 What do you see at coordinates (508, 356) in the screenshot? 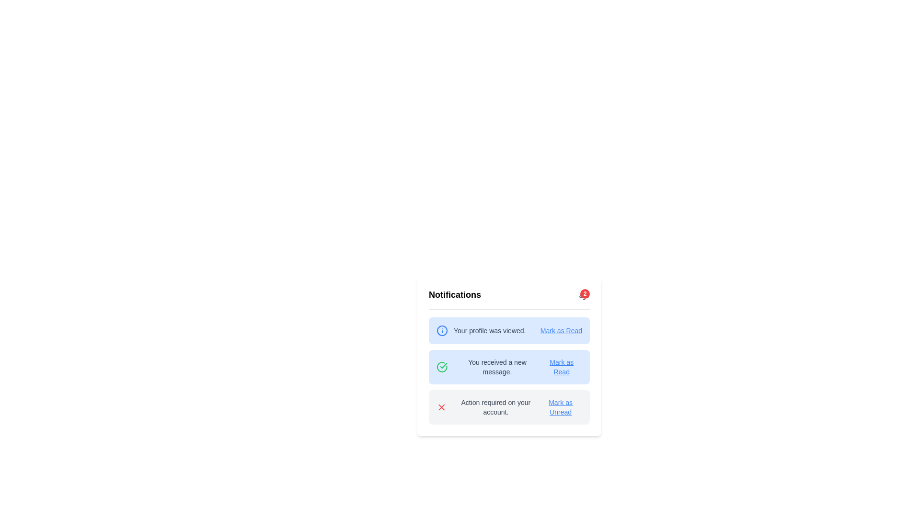
I see `the interactive link within the second notification card in the Notifications modal to mark the message as read` at bounding box center [508, 356].